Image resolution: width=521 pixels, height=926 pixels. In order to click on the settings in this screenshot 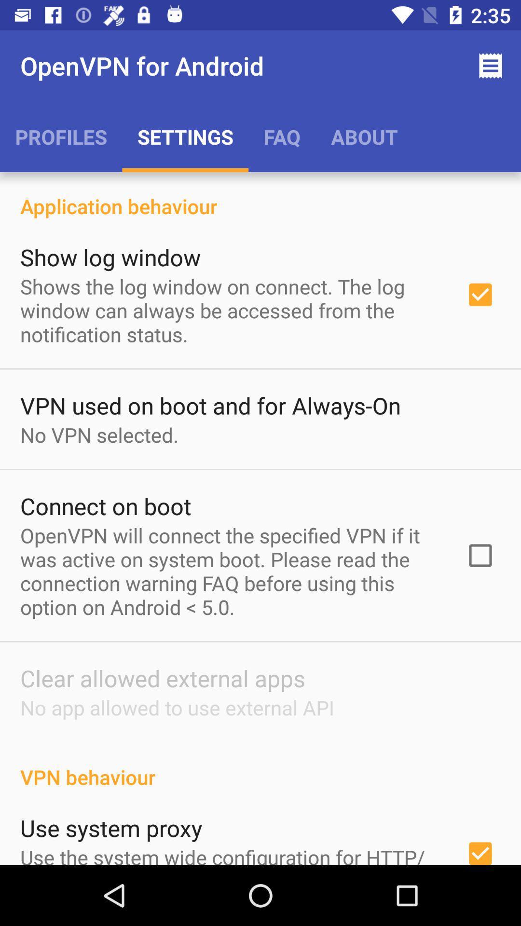, I will do `click(185, 136)`.